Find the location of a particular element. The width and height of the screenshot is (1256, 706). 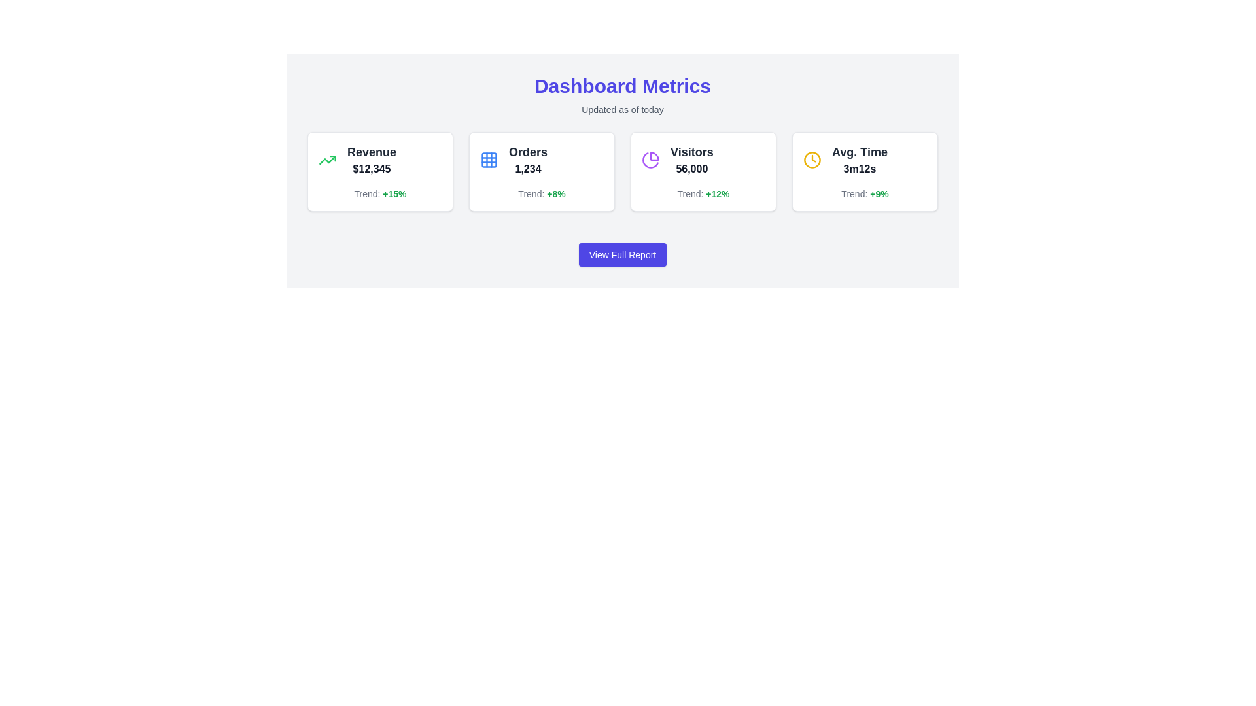

the blue square-shaped icon displaying a stylized 3x3 grid pattern, which is positioned beside the 'Orders' text block is located at coordinates (489, 160).